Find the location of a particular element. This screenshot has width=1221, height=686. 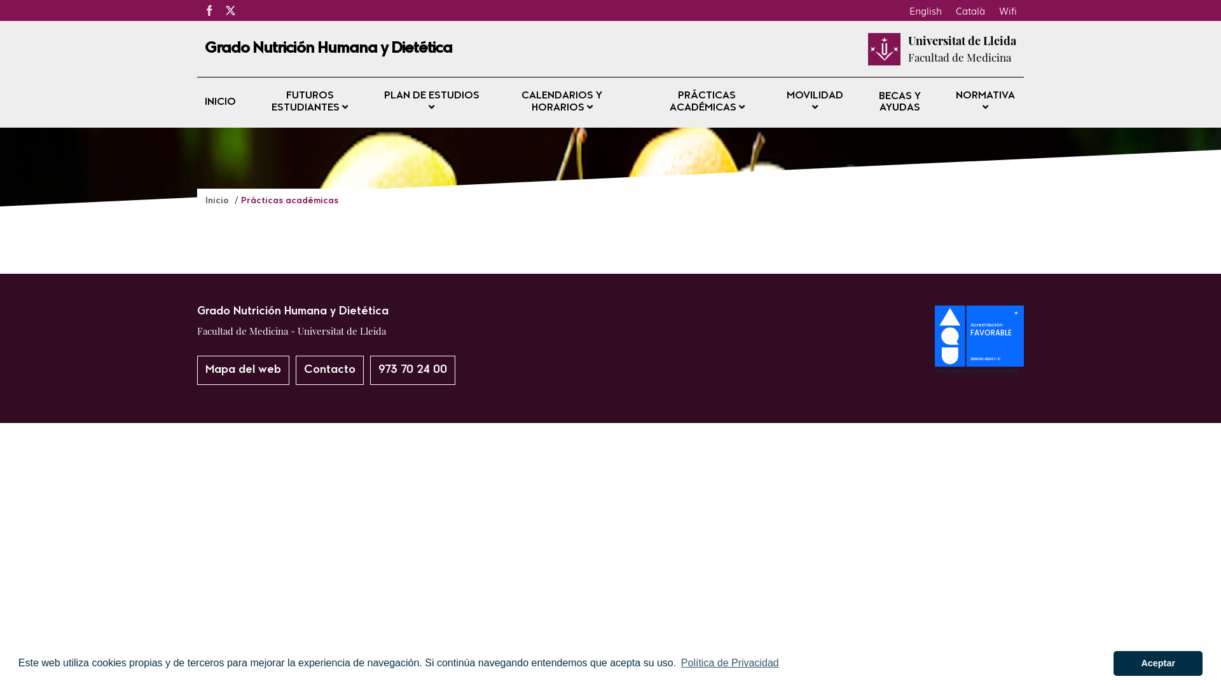

'Wifi' is located at coordinates (1007, 10).